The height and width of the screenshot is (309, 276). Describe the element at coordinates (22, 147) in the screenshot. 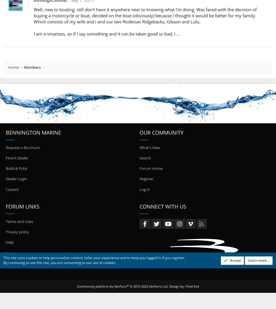

I see `'Request a Brochure'` at that location.